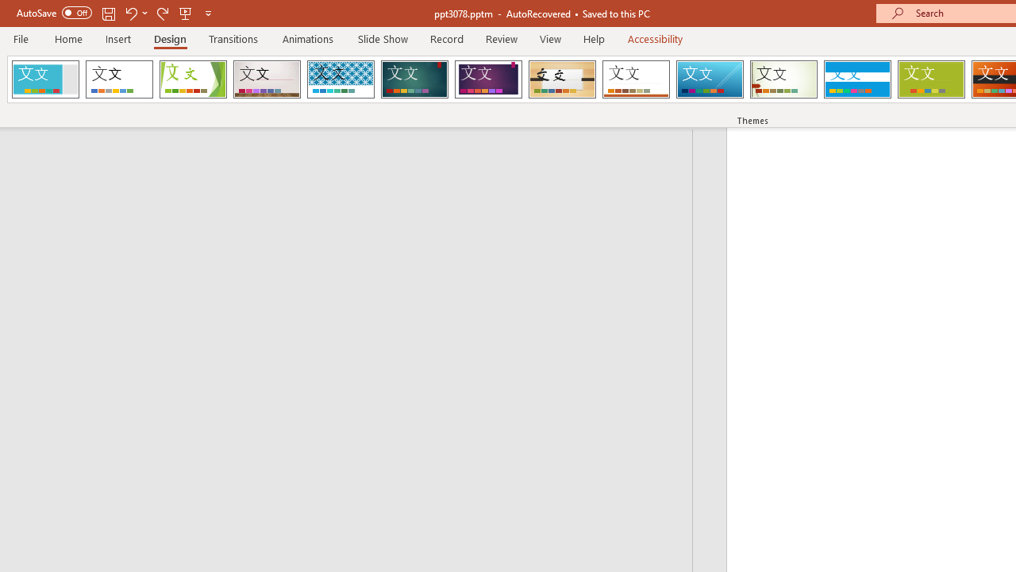 This screenshot has height=572, width=1016. What do you see at coordinates (709, 79) in the screenshot?
I see `'Slice'` at bounding box center [709, 79].